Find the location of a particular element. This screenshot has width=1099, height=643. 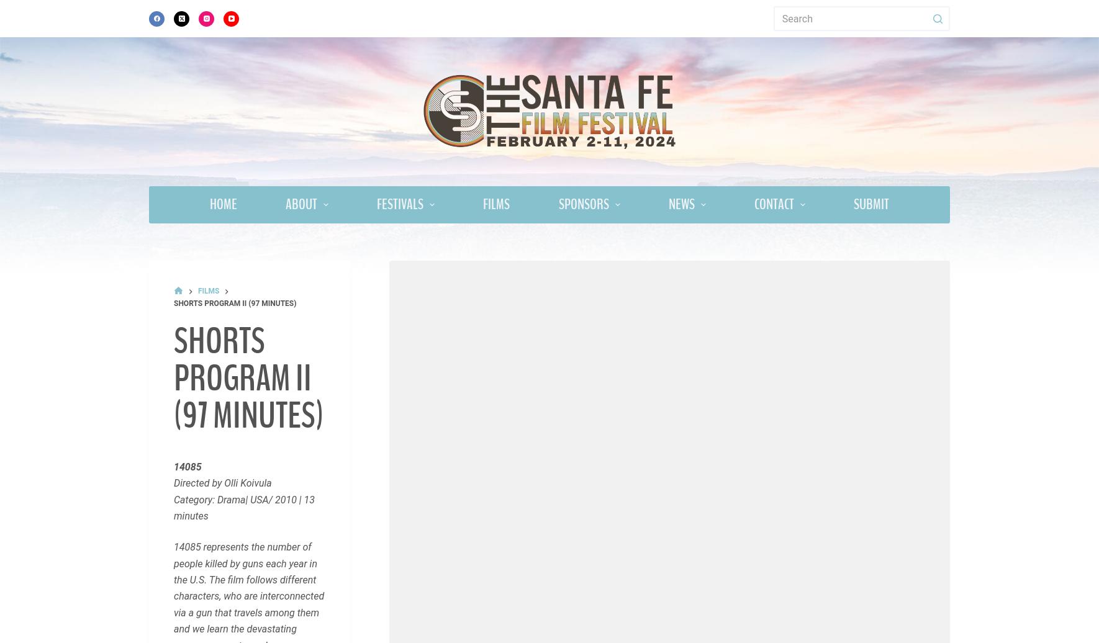

'“What goes around comes around. Come full circle. Karma. Sow the wind, reap the whirlwind. A person’s actions, whether good or bad, will have consequences for that person. Actions create an entire cycle of cause and effect.”' is located at coordinates (246, 302).